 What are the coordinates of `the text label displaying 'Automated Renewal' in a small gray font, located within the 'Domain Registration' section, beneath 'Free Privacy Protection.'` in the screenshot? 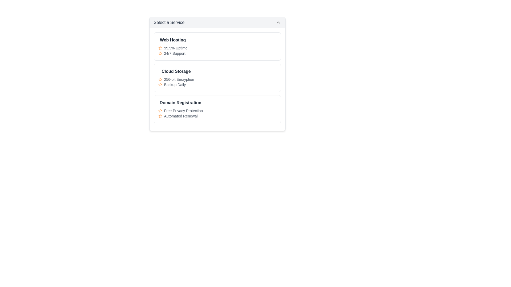 It's located at (180, 116).